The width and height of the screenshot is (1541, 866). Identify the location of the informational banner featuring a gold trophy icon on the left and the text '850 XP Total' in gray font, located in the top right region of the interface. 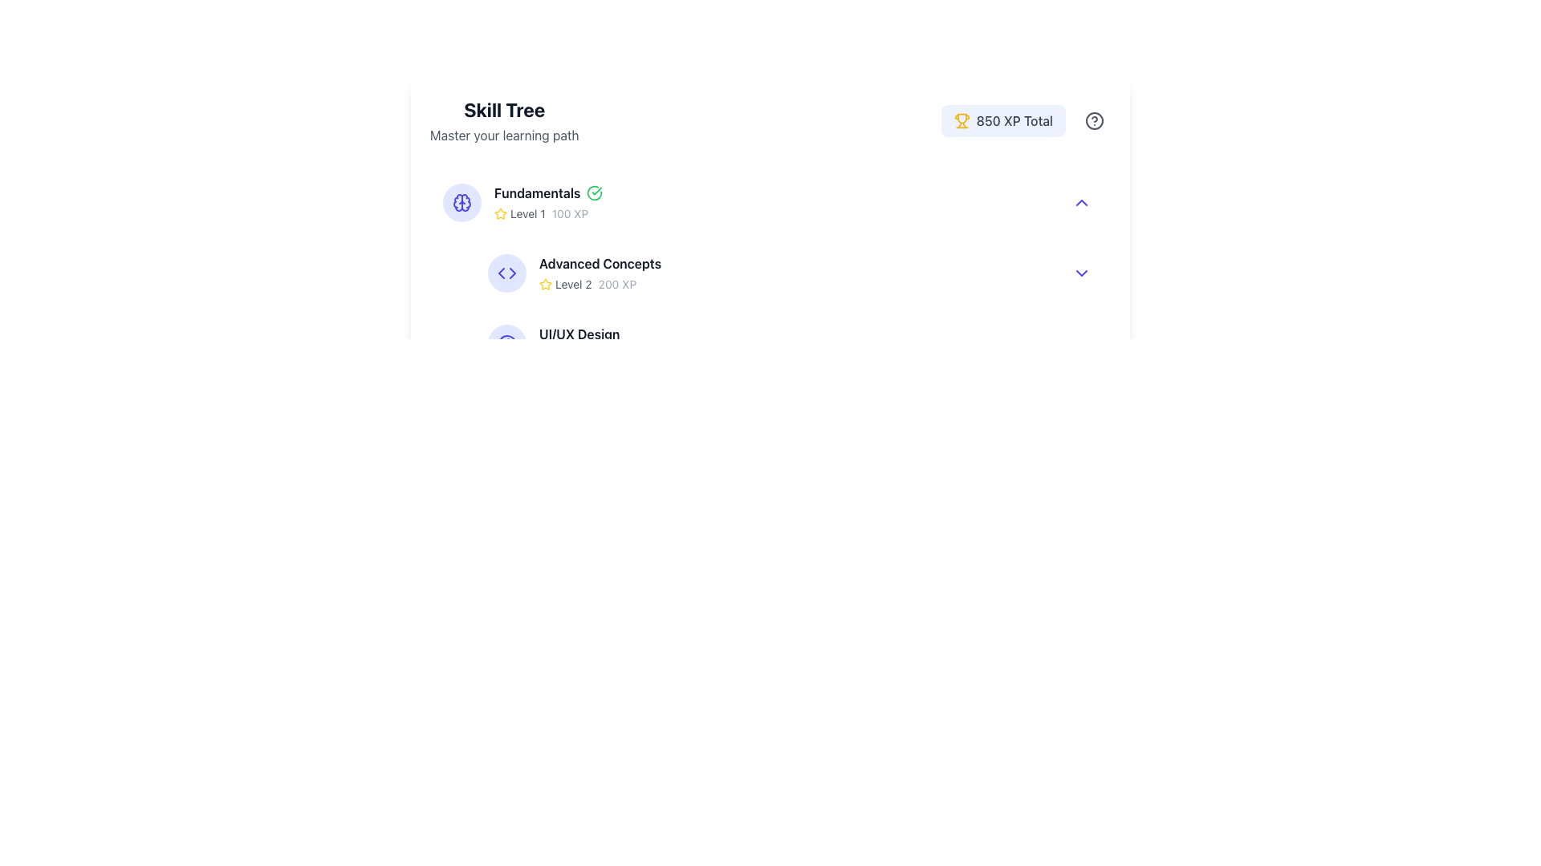
(1002, 119).